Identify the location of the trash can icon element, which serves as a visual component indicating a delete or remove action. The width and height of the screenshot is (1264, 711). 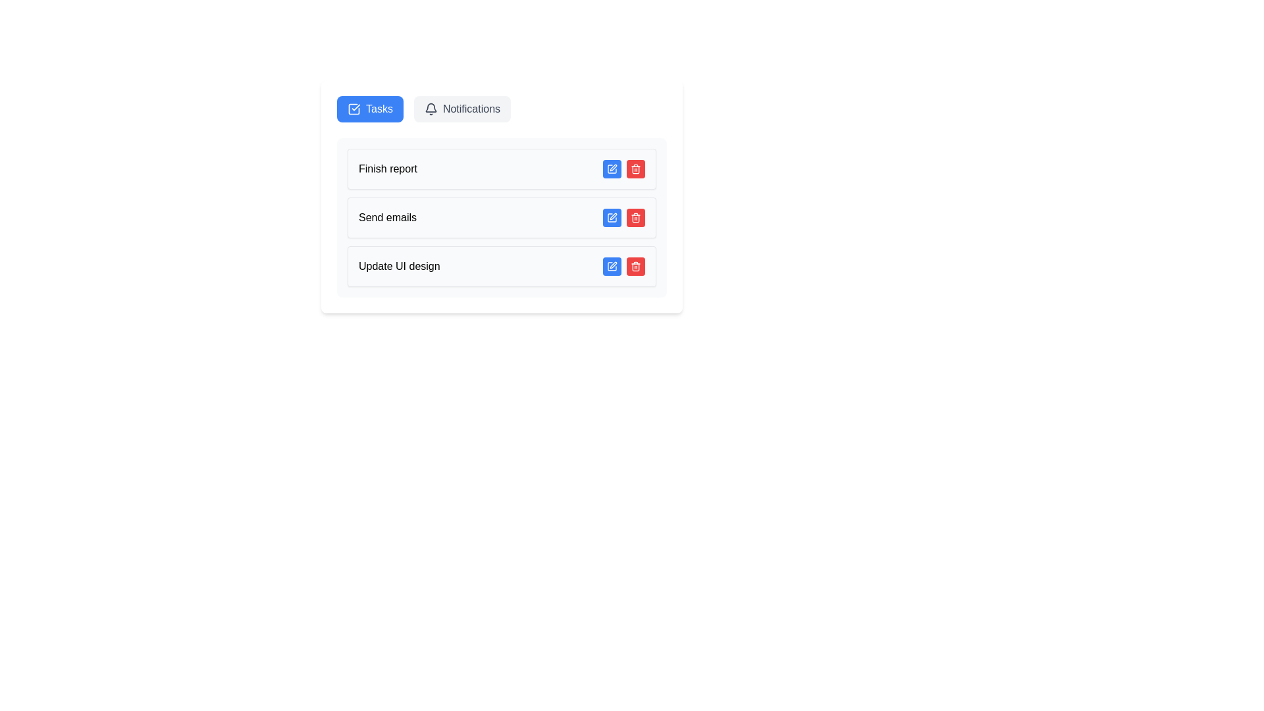
(635, 267).